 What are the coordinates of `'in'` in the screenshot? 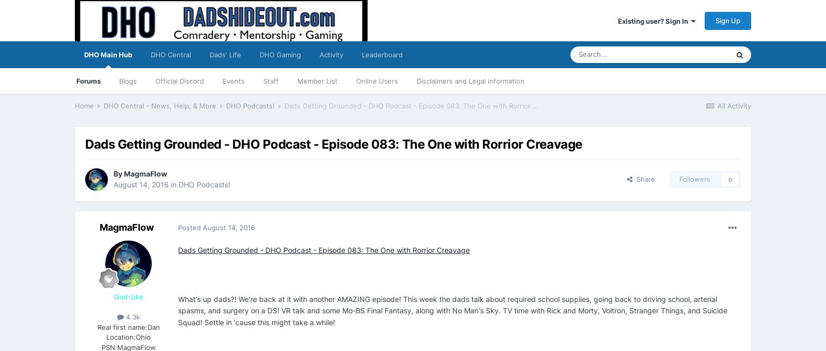 It's located at (173, 184).